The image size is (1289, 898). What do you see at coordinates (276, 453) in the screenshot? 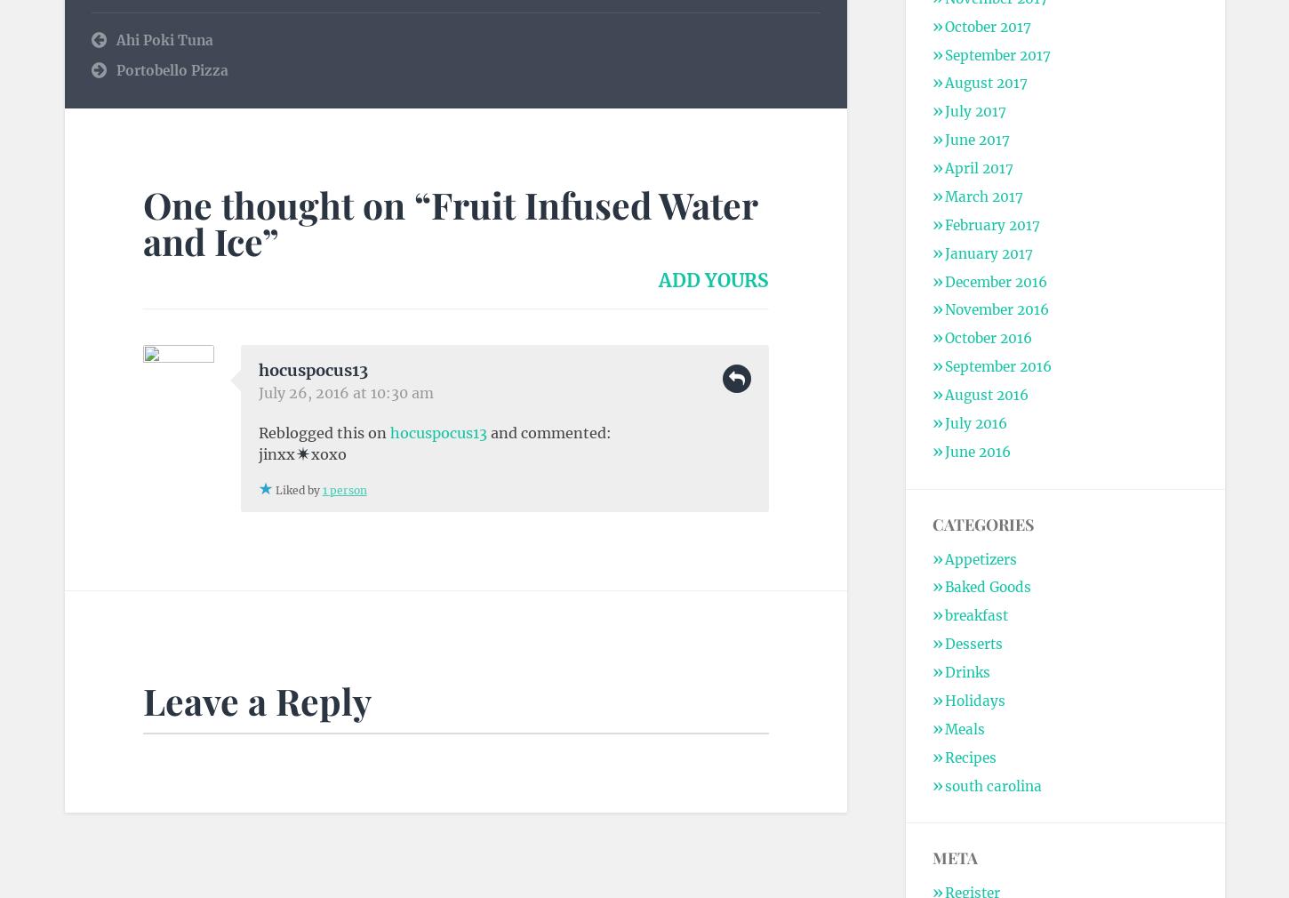
I see `'jinxx'` at bounding box center [276, 453].